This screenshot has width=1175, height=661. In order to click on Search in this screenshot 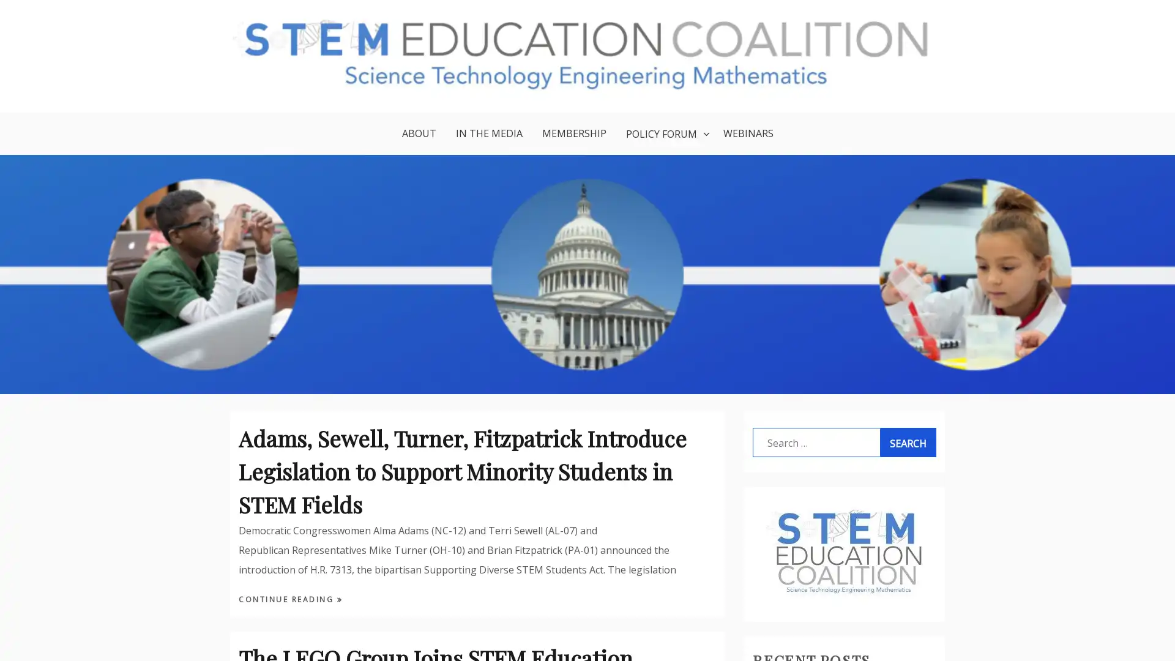, I will do `click(908, 443)`.